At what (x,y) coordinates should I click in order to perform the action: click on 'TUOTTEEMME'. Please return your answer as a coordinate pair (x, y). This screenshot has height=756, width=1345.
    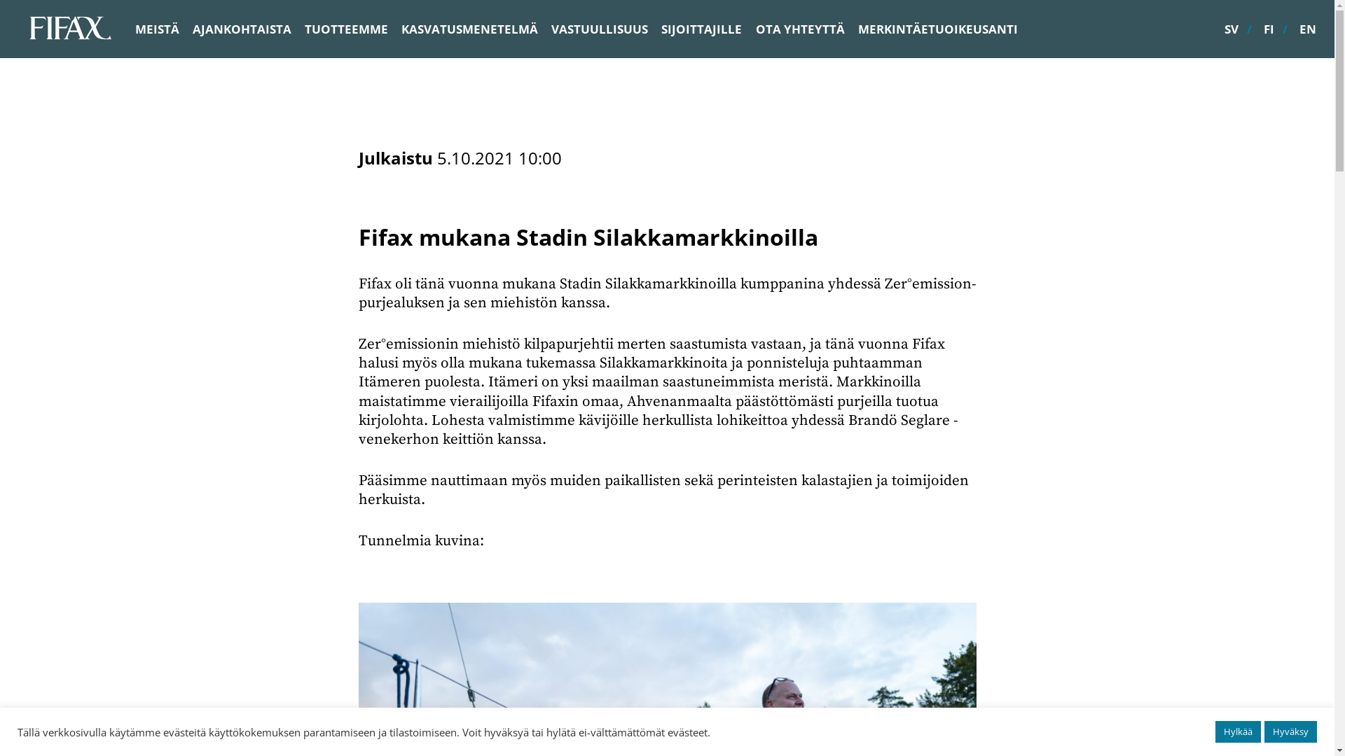
    Looking at the image, I should click on (346, 29).